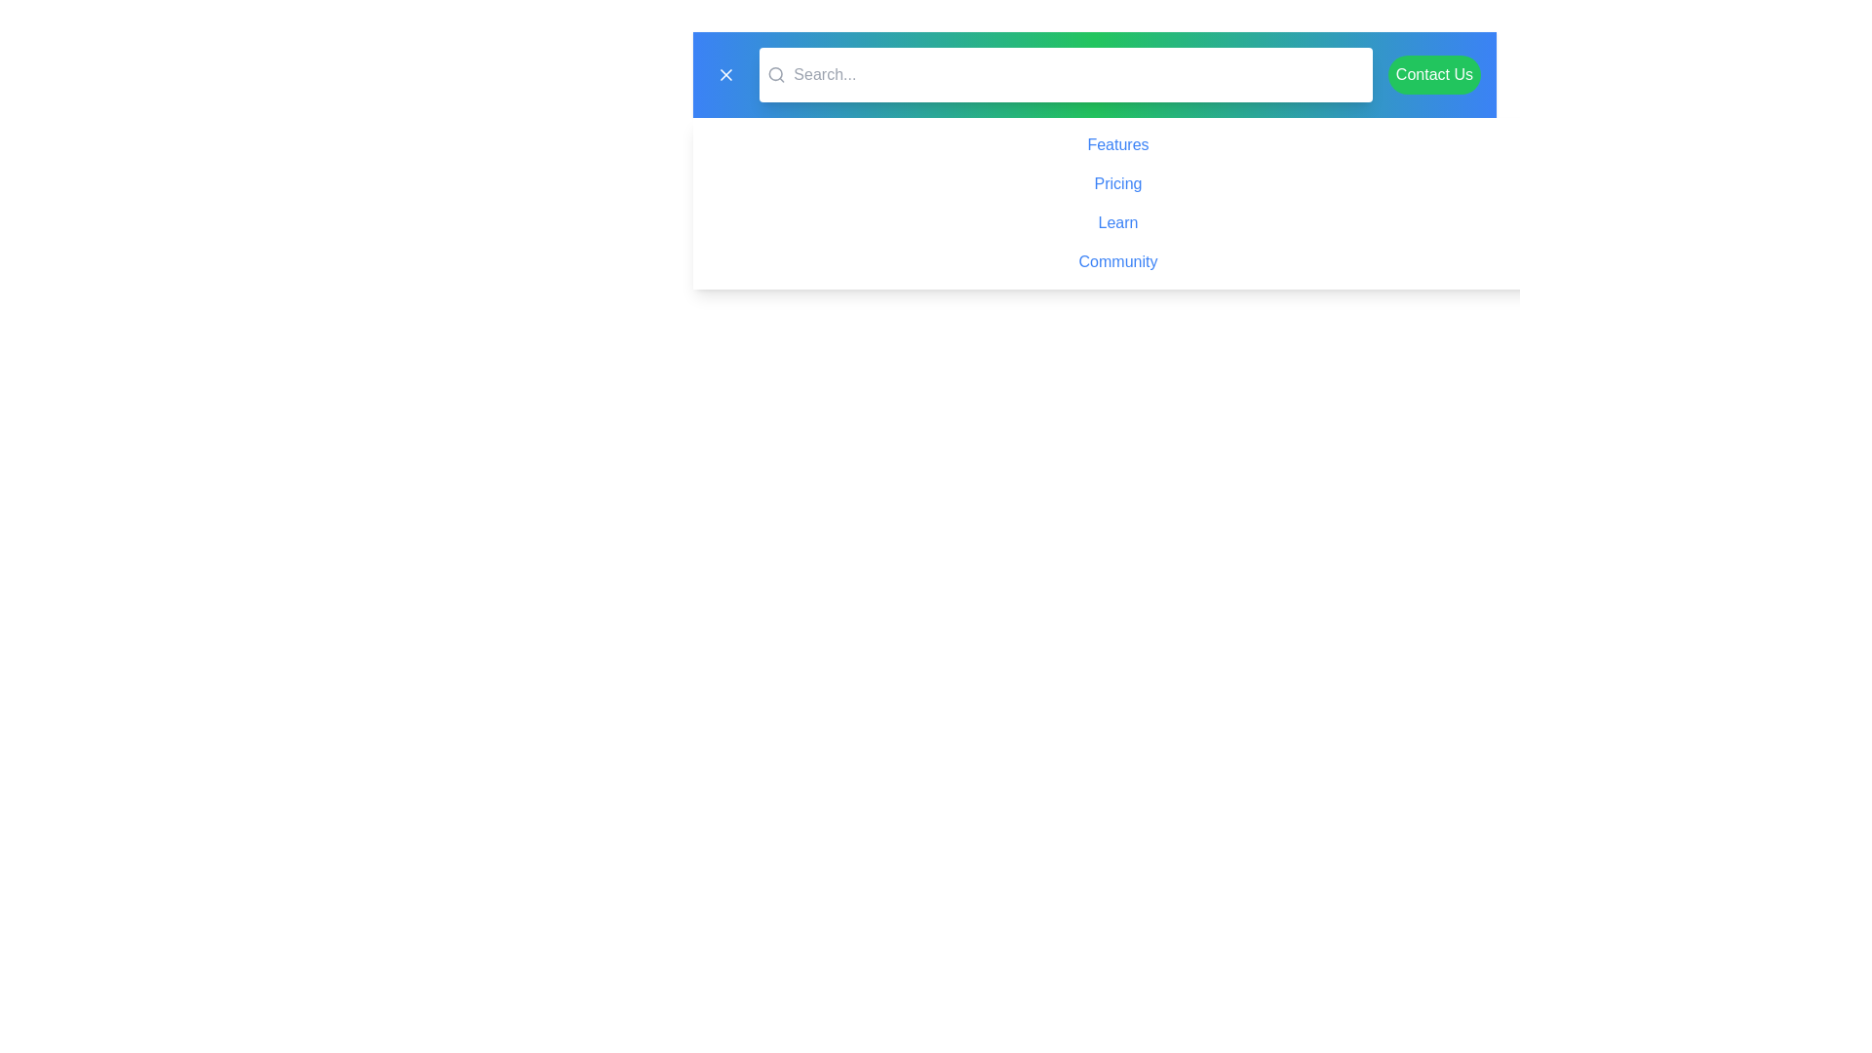  What do you see at coordinates (1118, 221) in the screenshot?
I see `the 'Learn' hyperlink, which is the third item in a vertical list of links under the search bar, styled in blue and underlined` at bounding box center [1118, 221].